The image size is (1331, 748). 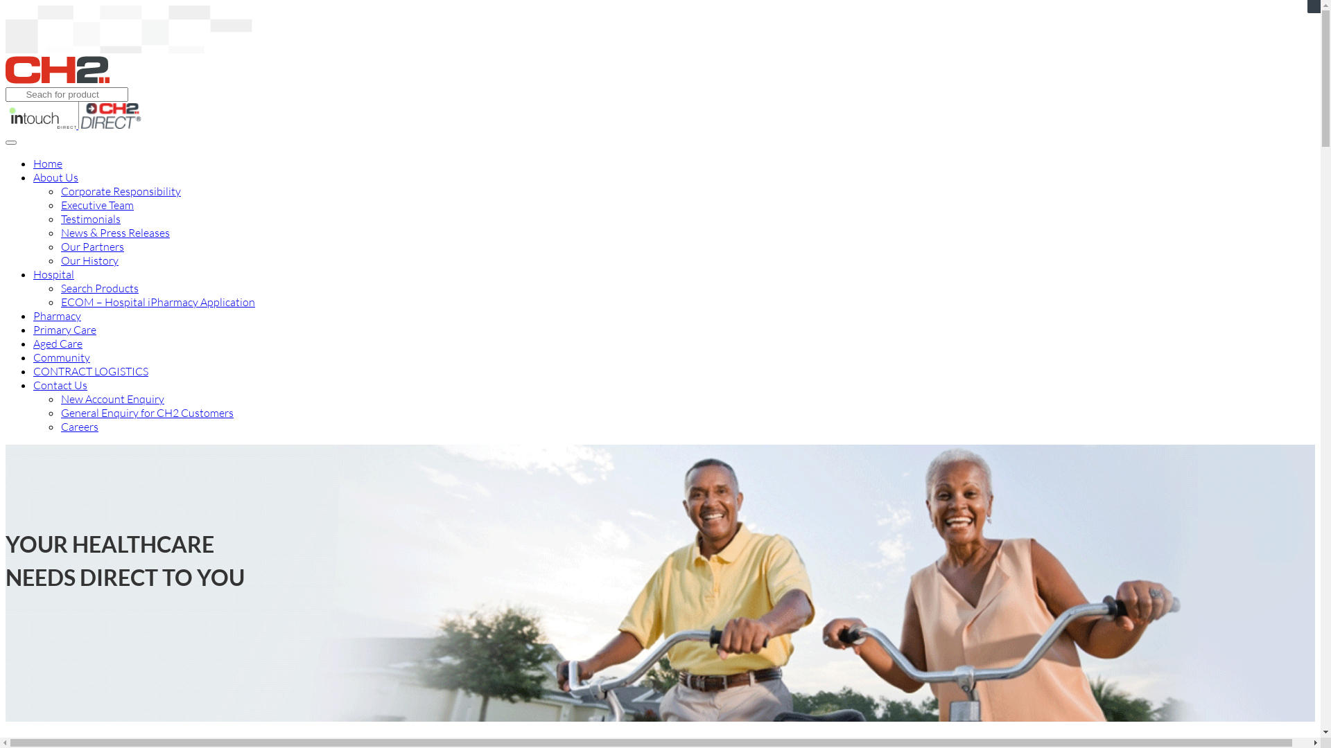 What do you see at coordinates (64, 329) in the screenshot?
I see `'Primary Care'` at bounding box center [64, 329].